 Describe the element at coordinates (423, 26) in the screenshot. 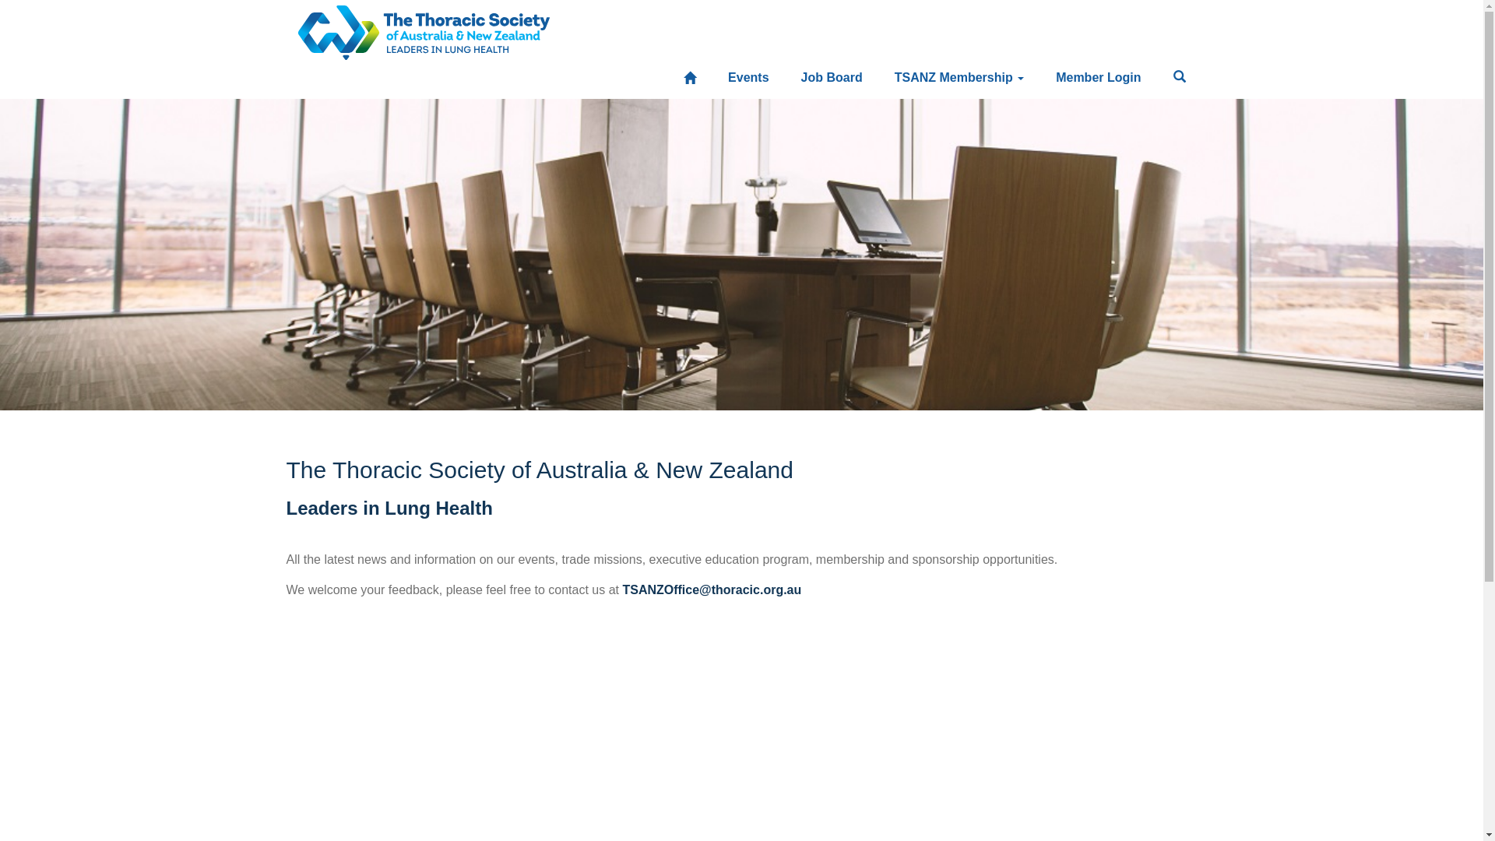

I see `'AICC Portal'` at that location.